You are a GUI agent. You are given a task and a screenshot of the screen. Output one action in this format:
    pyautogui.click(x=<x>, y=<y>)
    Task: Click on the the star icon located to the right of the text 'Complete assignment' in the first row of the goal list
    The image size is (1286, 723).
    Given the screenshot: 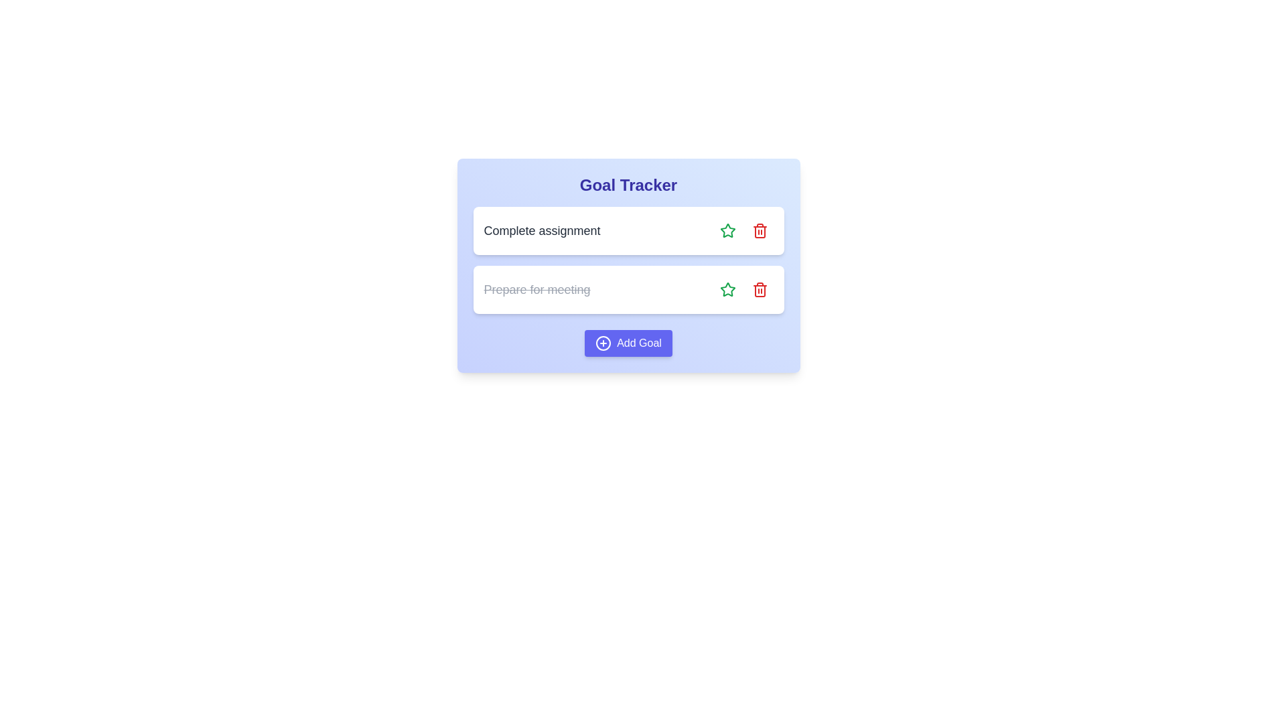 What is the action you would take?
    pyautogui.click(x=727, y=289)
    